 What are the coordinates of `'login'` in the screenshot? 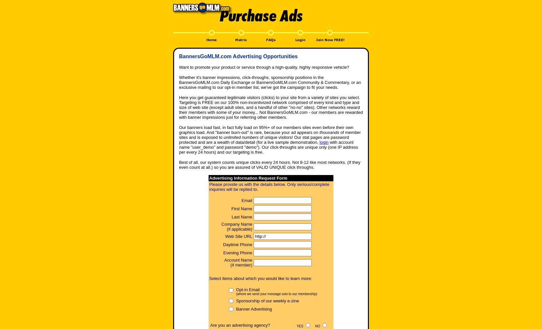 It's located at (319, 142).